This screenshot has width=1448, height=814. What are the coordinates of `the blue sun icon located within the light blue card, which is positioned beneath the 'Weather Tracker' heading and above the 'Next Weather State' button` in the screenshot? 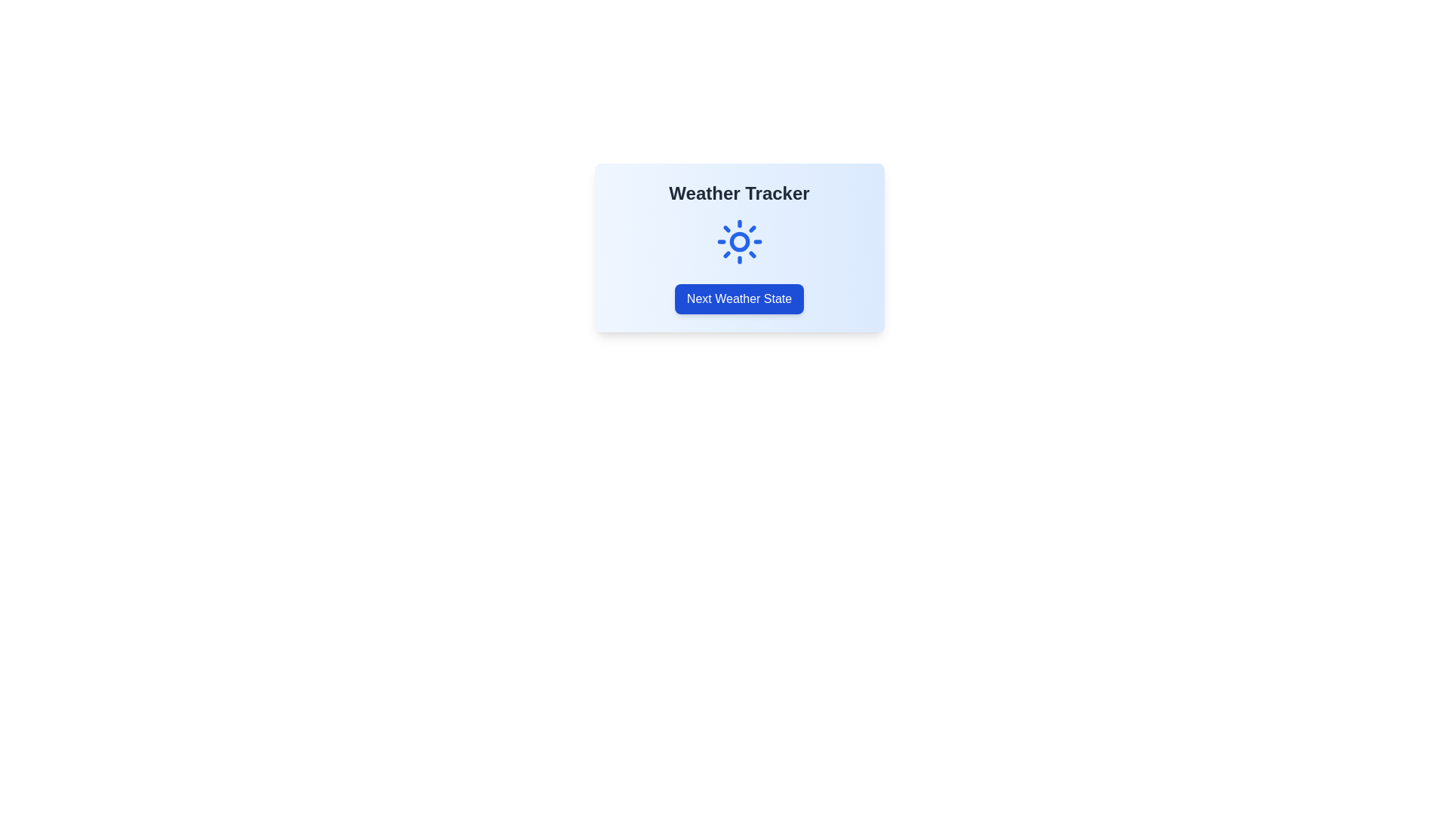 It's located at (739, 240).